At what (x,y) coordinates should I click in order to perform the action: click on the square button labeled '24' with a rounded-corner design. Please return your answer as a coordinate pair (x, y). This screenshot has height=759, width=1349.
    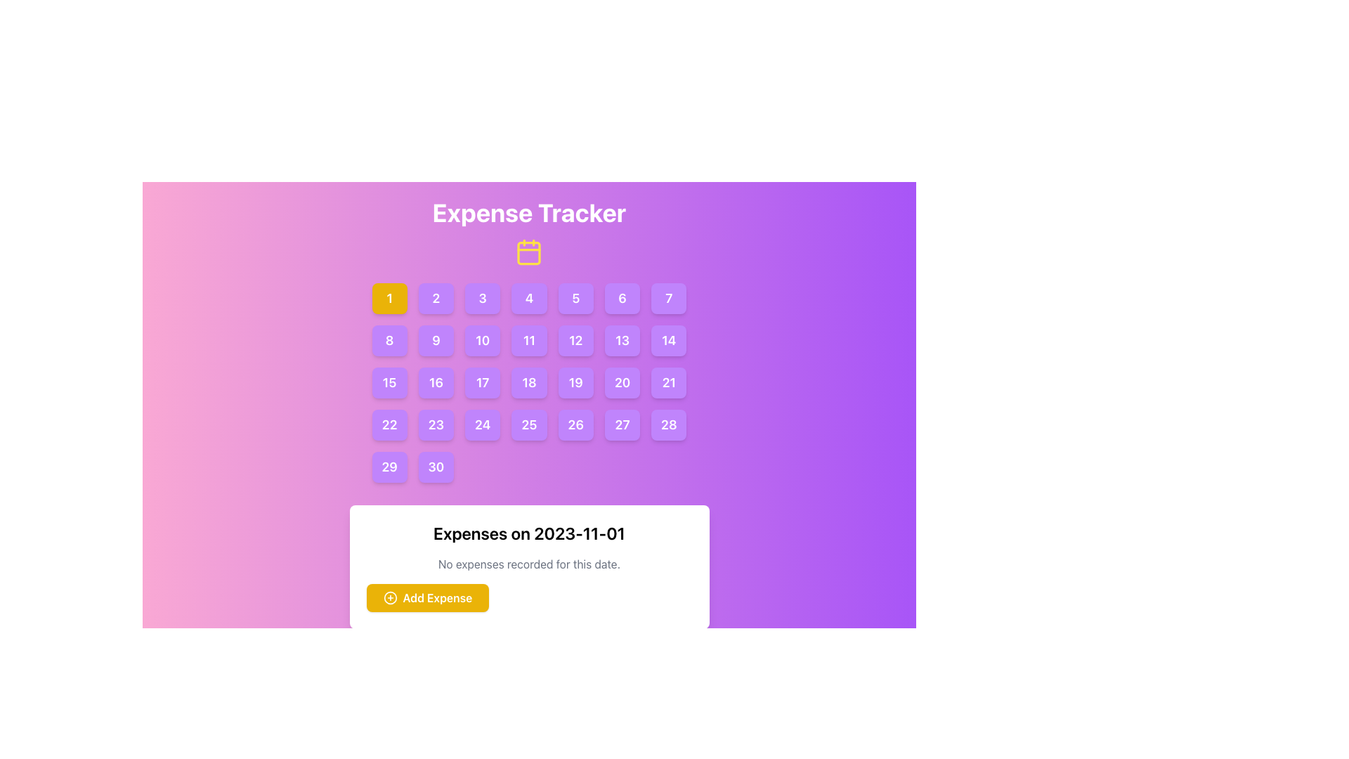
    Looking at the image, I should click on (483, 424).